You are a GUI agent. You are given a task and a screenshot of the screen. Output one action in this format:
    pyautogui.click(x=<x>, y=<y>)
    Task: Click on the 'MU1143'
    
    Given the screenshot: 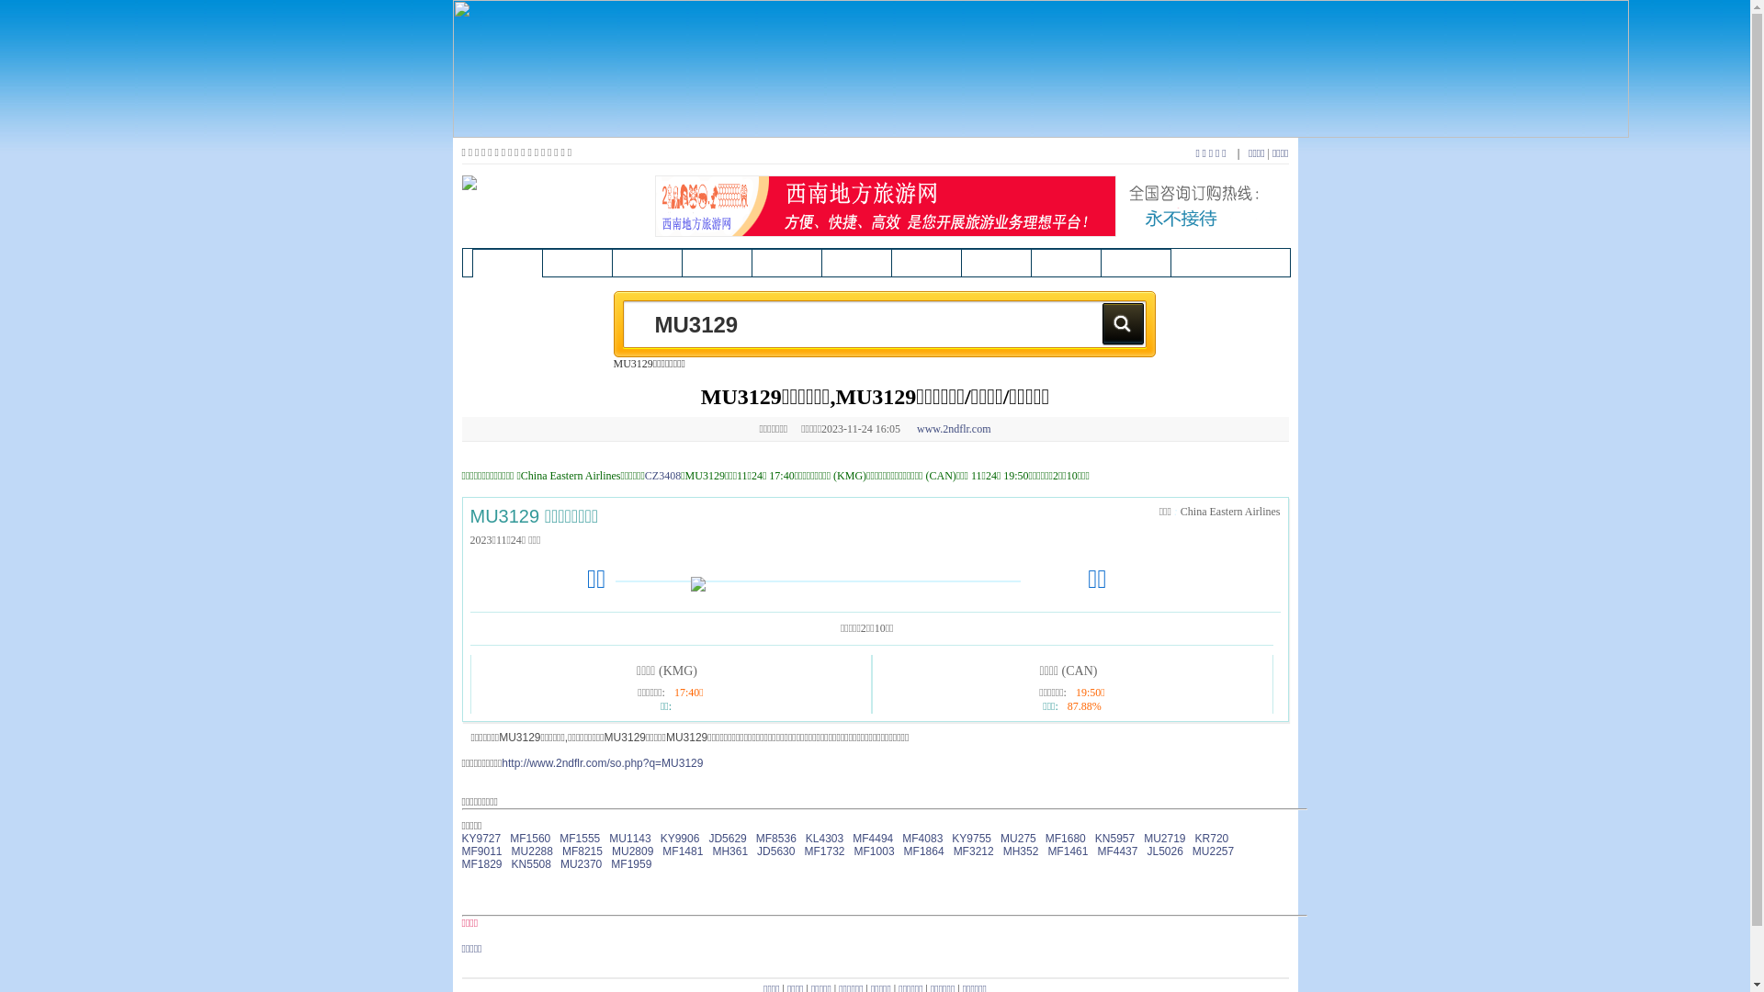 What is the action you would take?
    pyautogui.click(x=629, y=839)
    